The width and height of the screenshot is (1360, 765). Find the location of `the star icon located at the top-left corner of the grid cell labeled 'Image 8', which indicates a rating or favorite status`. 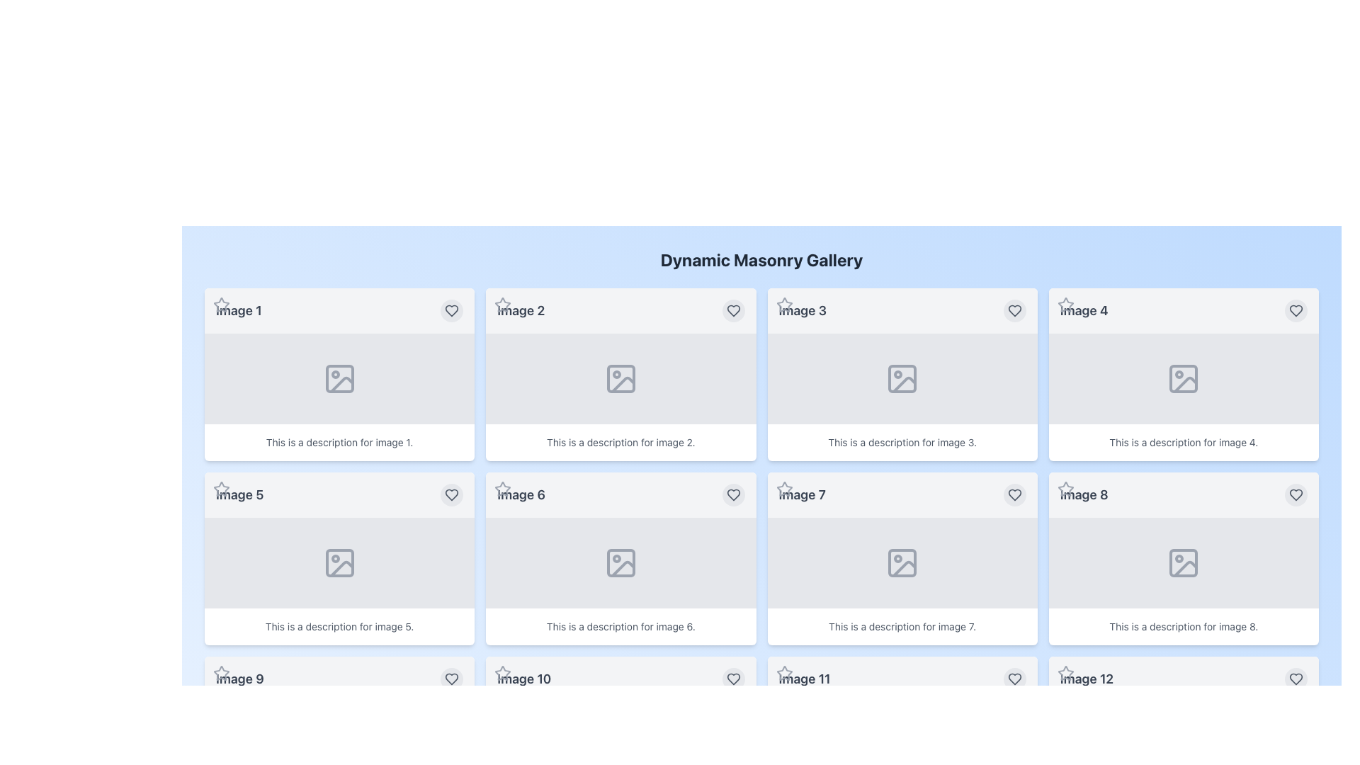

the star icon located at the top-left corner of the grid cell labeled 'Image 8', which indicates a rating or favorite status is located at coordinates (1065, 488).